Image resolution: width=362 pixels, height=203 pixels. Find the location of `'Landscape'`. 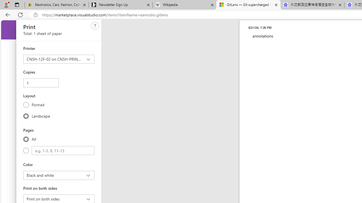

'Landscape' is located at coordinates (26, 116).